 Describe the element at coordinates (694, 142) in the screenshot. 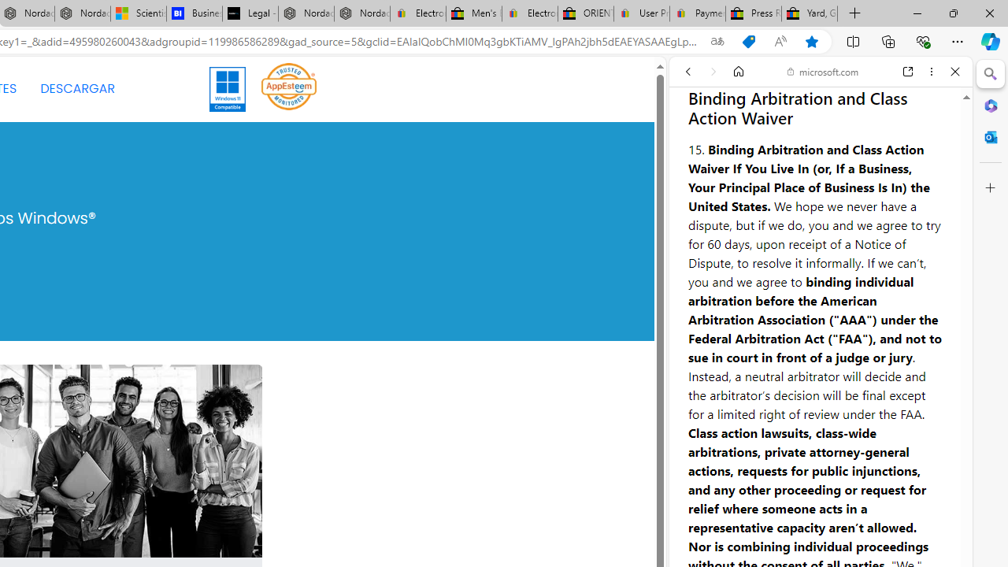

I see `'Web scope'` at that location.